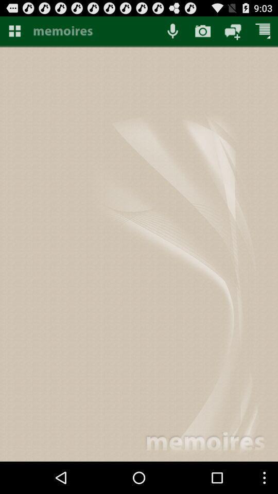 The width and height of the screenshot is (278, 494). I want to click on the microphone icon, so click(172, 33).